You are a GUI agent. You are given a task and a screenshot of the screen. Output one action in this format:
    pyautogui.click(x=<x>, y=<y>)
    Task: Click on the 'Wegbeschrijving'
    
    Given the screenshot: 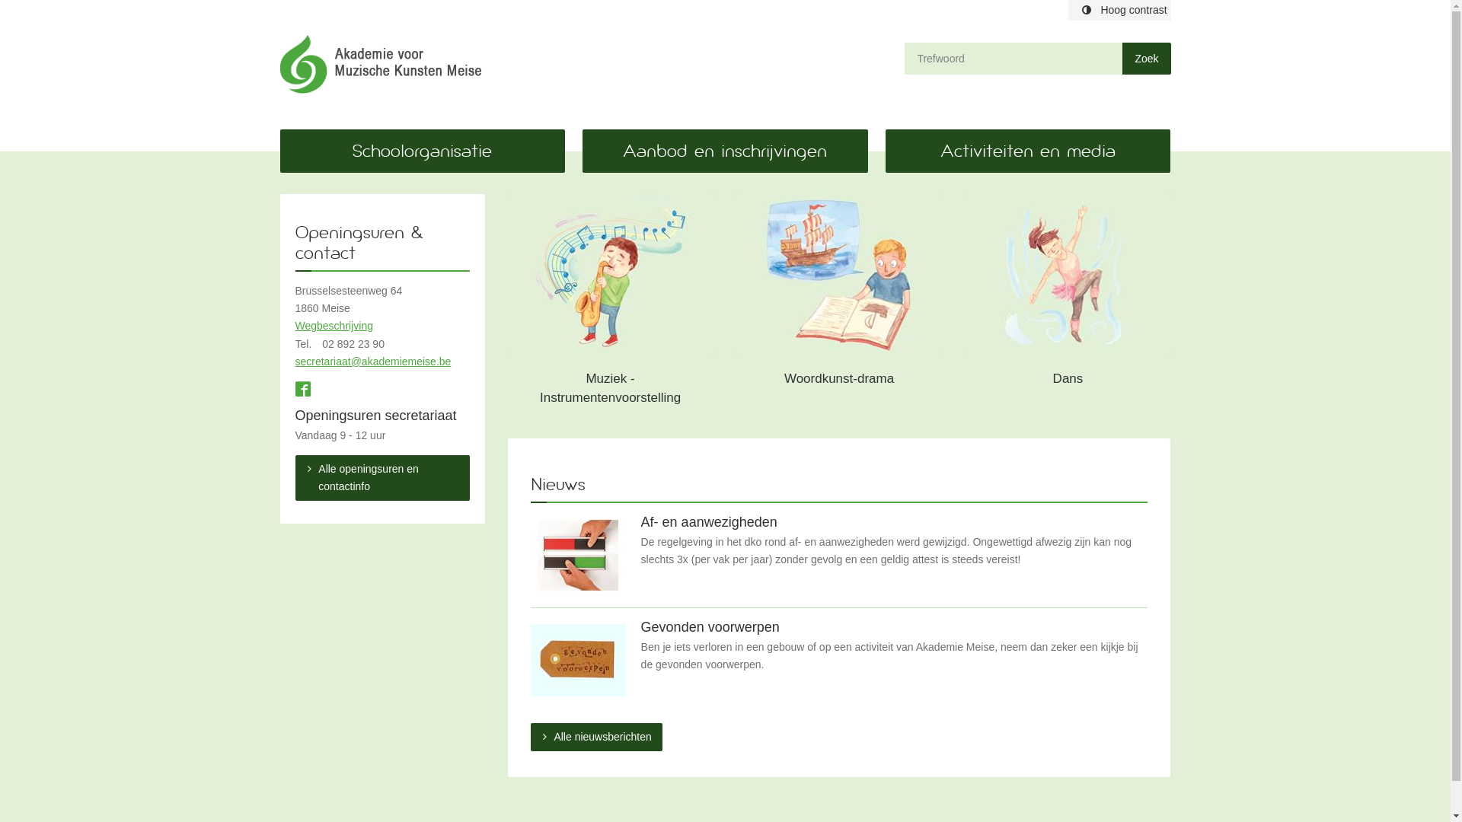 What is the action you would take?
    pyautogui.click(x=333, y=325)
    